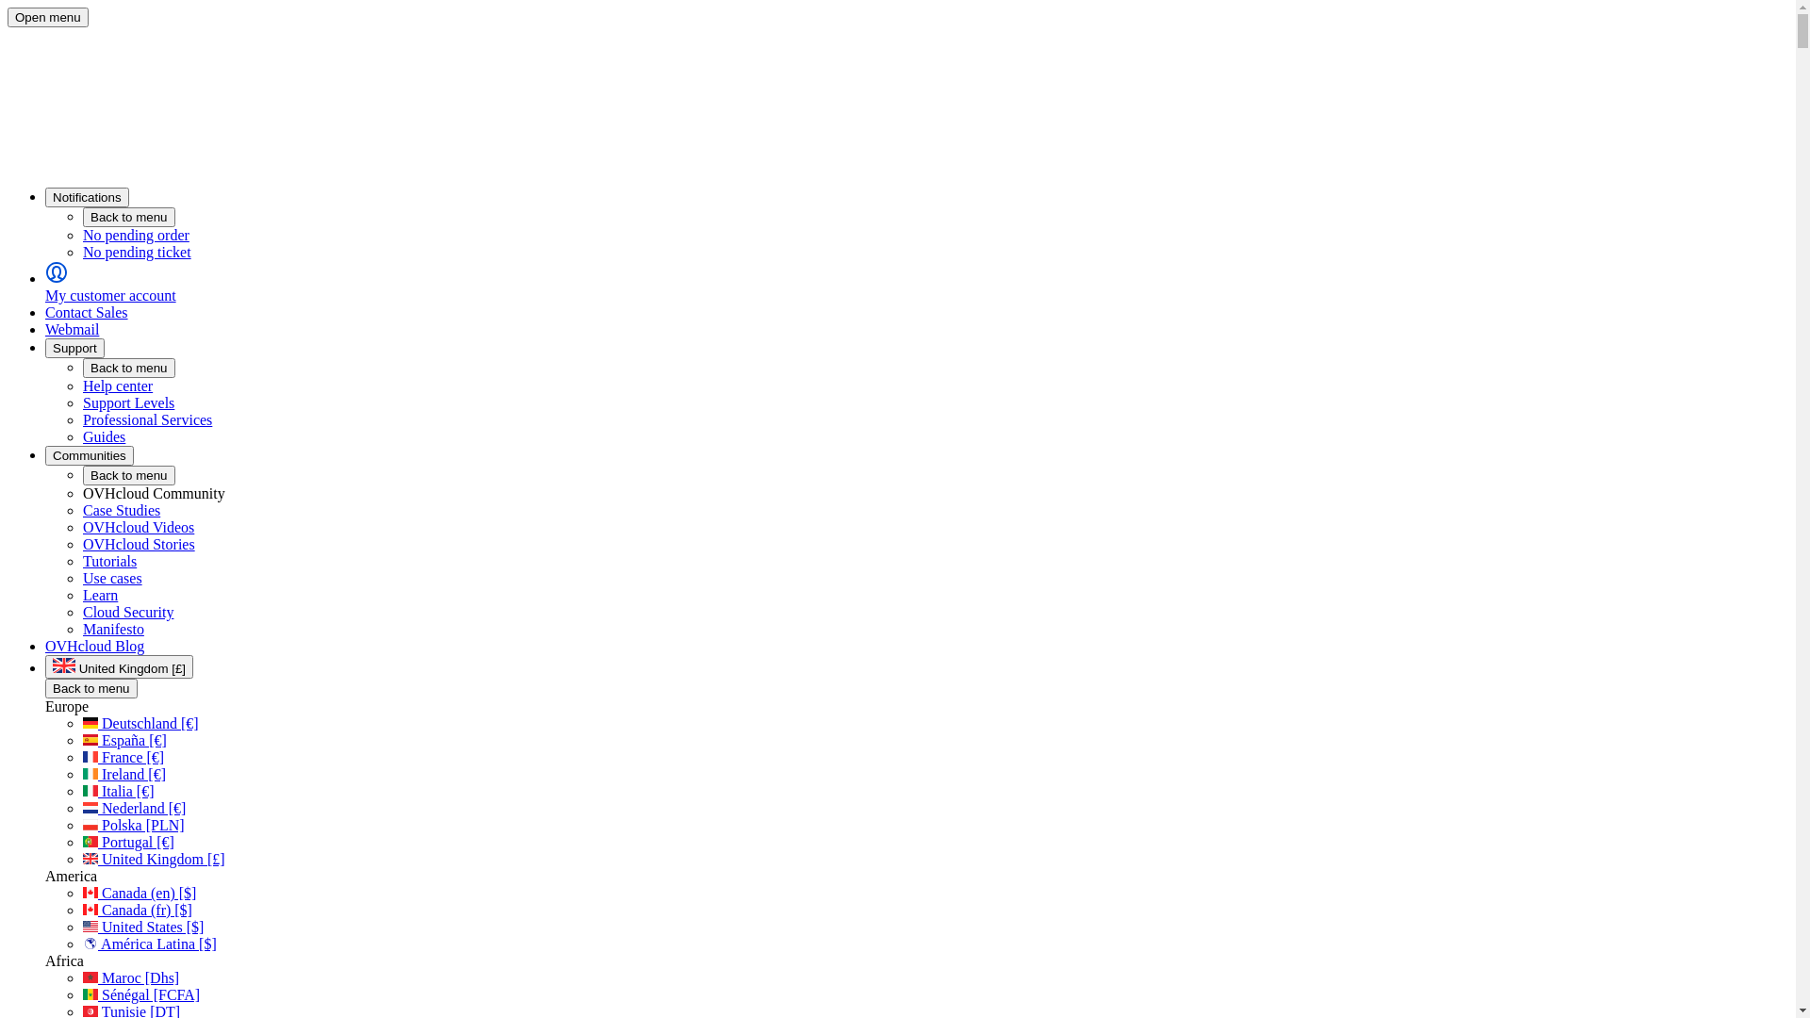  I want to click on 'OVHcloud Stories', so click(138, 544).